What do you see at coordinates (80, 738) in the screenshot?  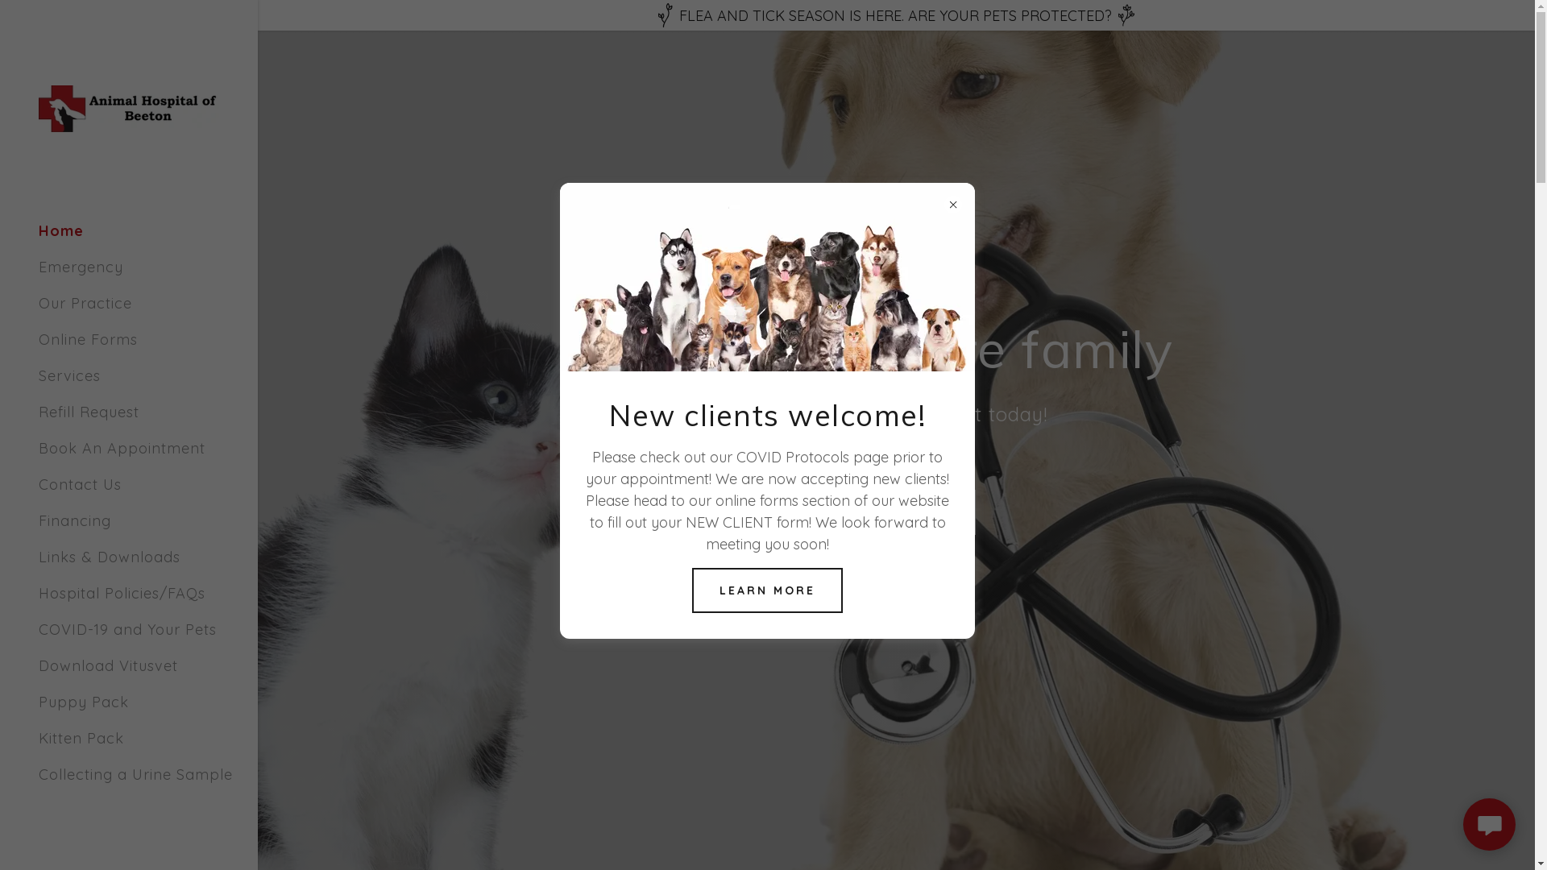 I see `'Kitten Pack'` at bounding box center [80, 738].